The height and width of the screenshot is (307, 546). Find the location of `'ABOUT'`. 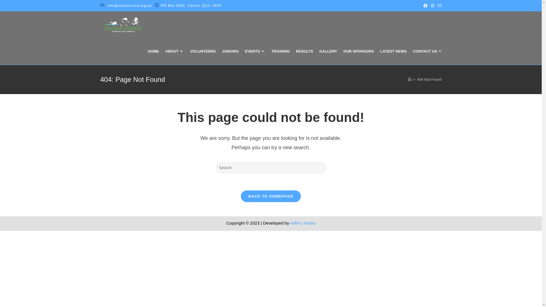

'ABOUT' is located at coordinates (174, 51).